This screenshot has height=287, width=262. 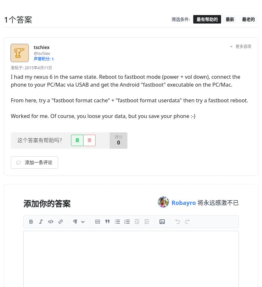 What do you see at coordinates (118, 143) in the screenshot?
I see `'0'` at bounding box center [118, 143].